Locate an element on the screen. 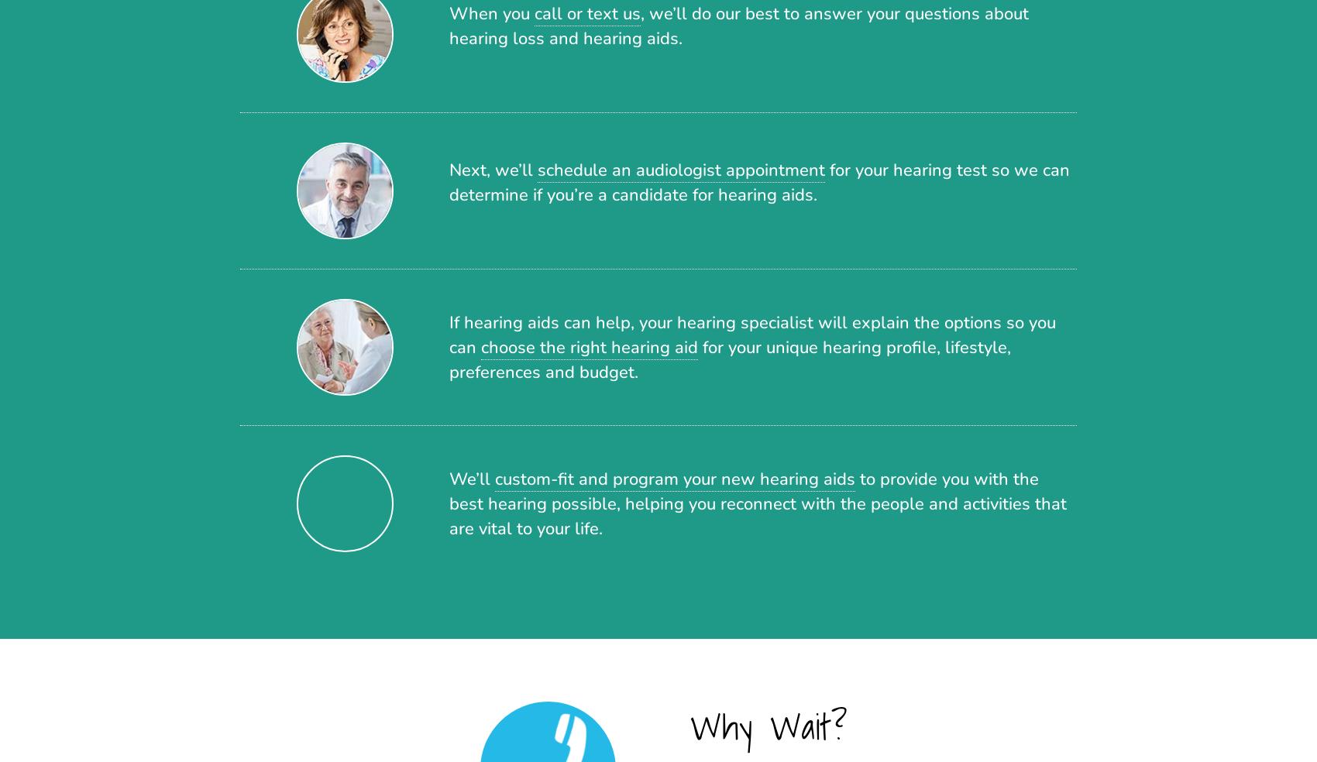 The width and height of the screenshot is (1317, 762). 'choose the right hearing aid' is located at coordinates (588, 347).